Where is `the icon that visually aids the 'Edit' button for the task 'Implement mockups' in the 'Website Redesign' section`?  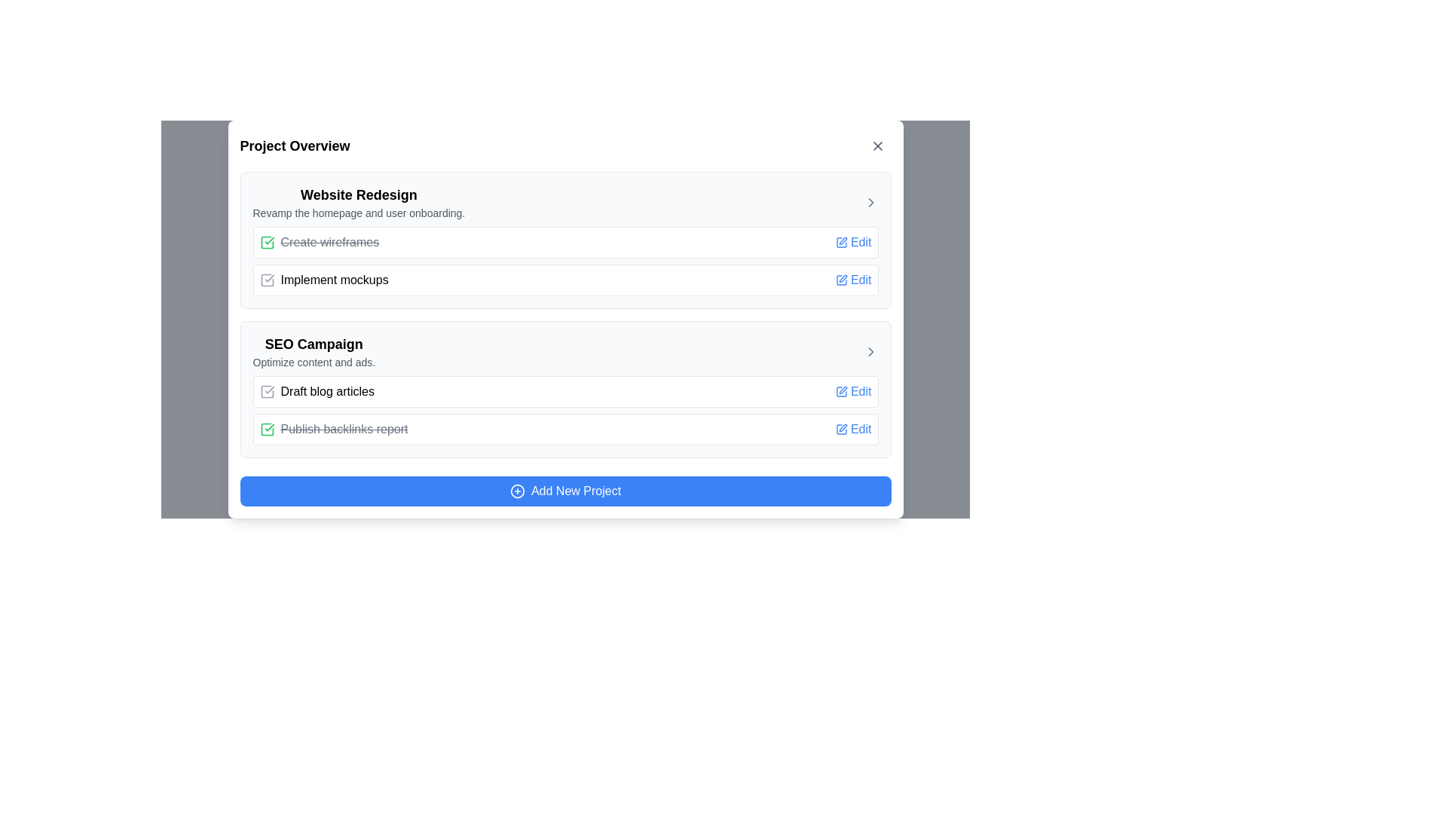 the icon that visually aids the 'Edit' button for the task 'Implement mockups' in the 'Website Redesign' section is located at coordinates (840, 280).